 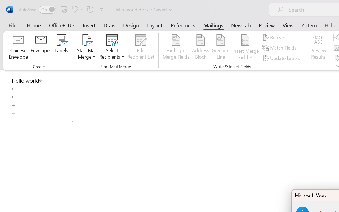 I want to click on 'OfficePLUS', so click(x=62, y=25).